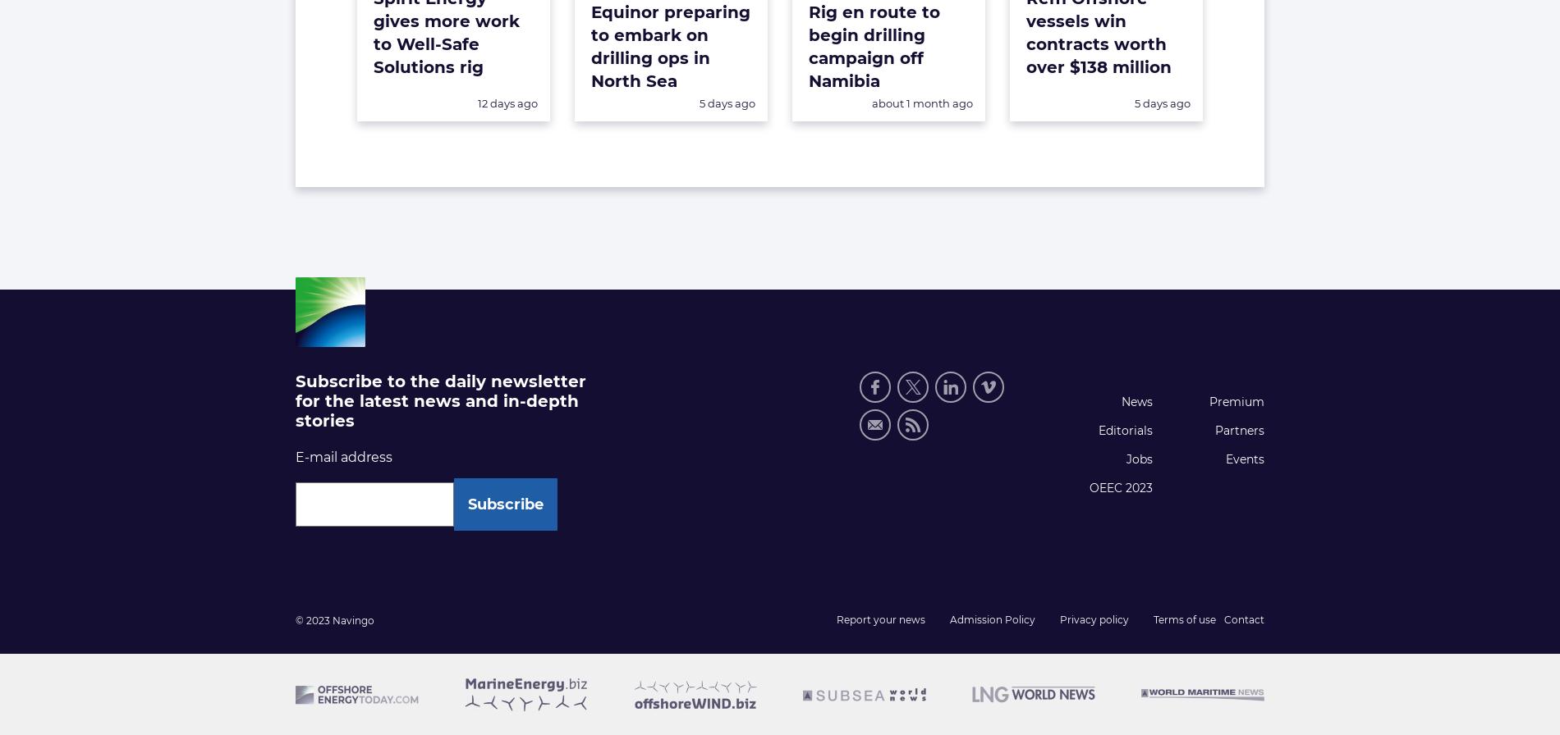 This screenshot has height=735, width=1560. I want to click on 'Report your news', so click(836, 619).